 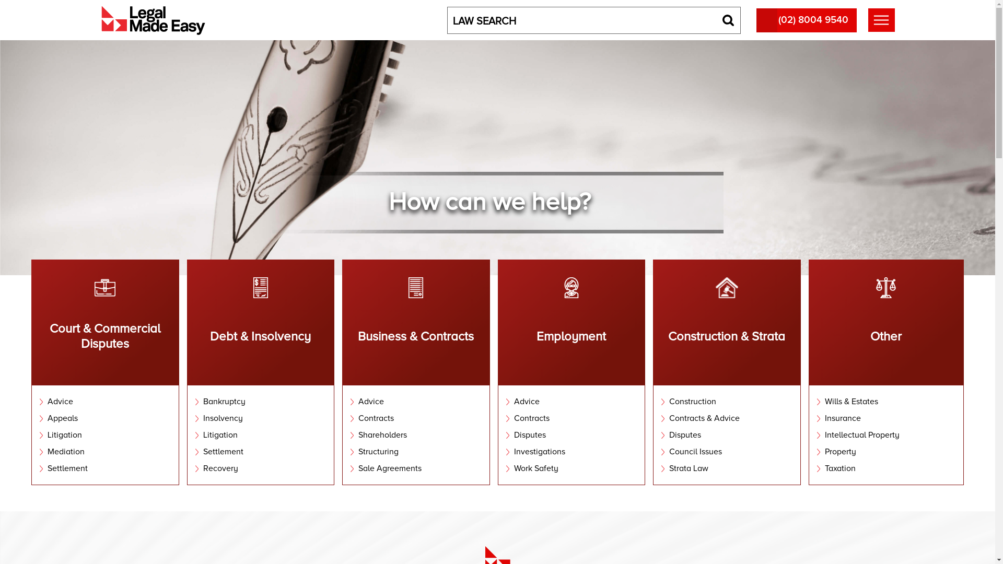 What do you see at coordinates (756, 20) in the screenshot?
I see `'(02) 8004 9540'` at bounding box center [756, 20].